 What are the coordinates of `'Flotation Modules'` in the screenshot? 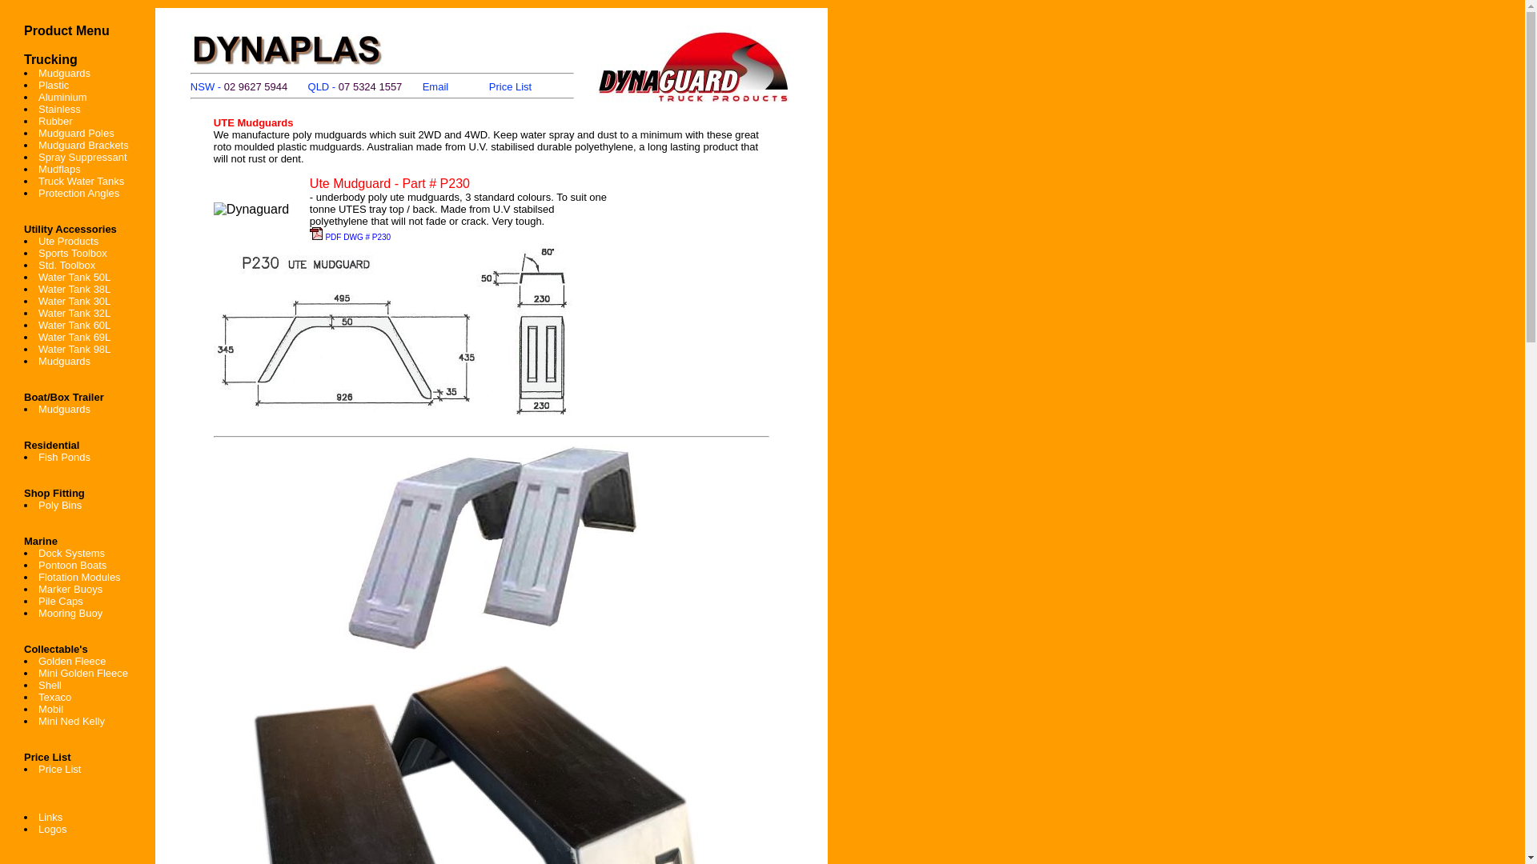 It's located at (78, 577).